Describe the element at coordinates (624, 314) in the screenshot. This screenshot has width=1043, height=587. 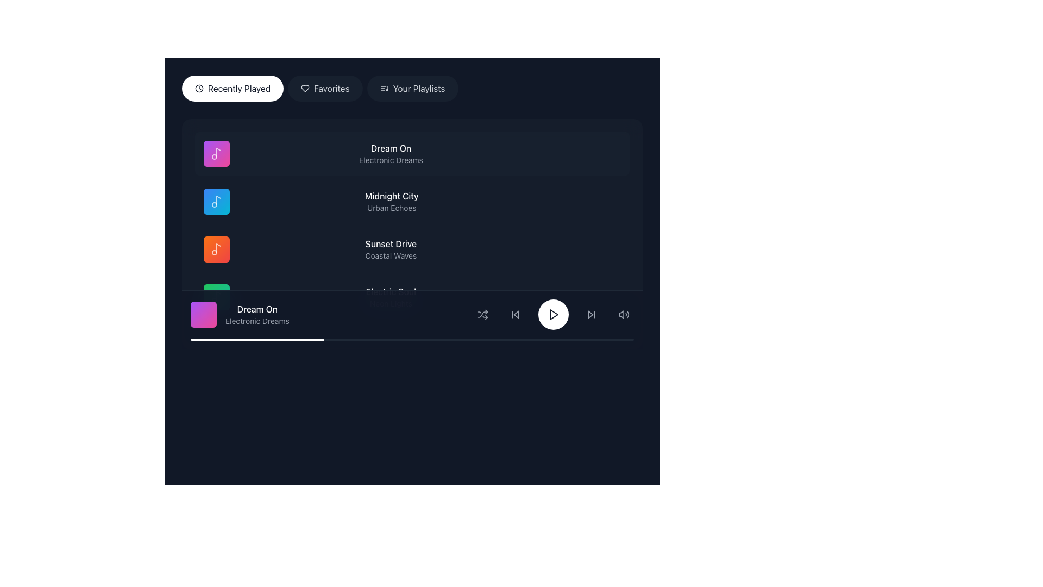
I see `the volume control button located at the far right of the bottom section of the interface to observe the style change` at that location.